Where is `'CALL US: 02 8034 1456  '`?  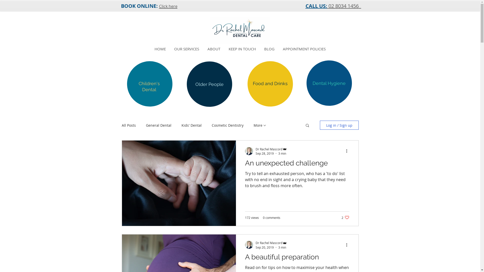 'CALL US: 02 8034 1456  ' is located at coordinates (333, 6).